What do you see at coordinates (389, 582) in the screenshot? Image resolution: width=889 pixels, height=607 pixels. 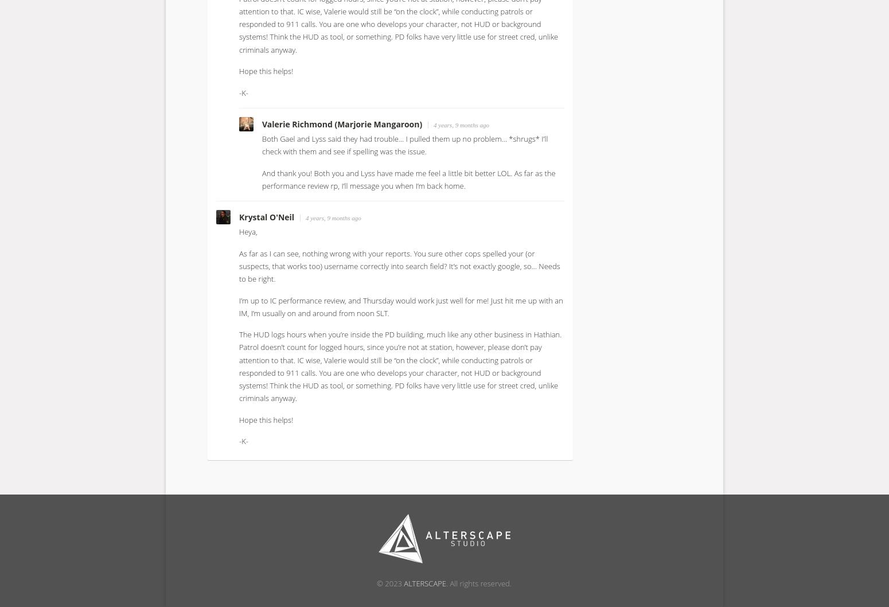 I see `'© 2023'` at bounding box center [389, 582].